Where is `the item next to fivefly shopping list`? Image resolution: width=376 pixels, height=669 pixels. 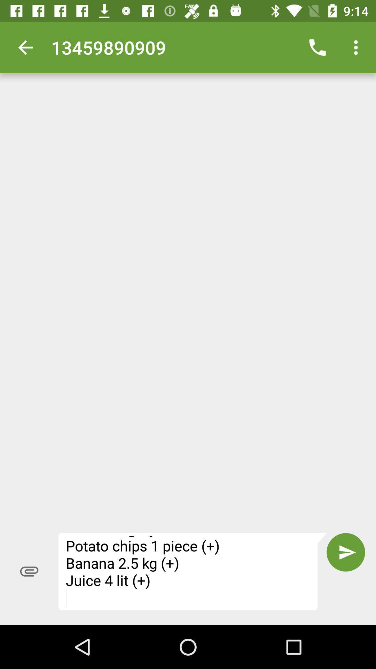 the item next to fivefly shopping list is located at coordinates (346, 552).